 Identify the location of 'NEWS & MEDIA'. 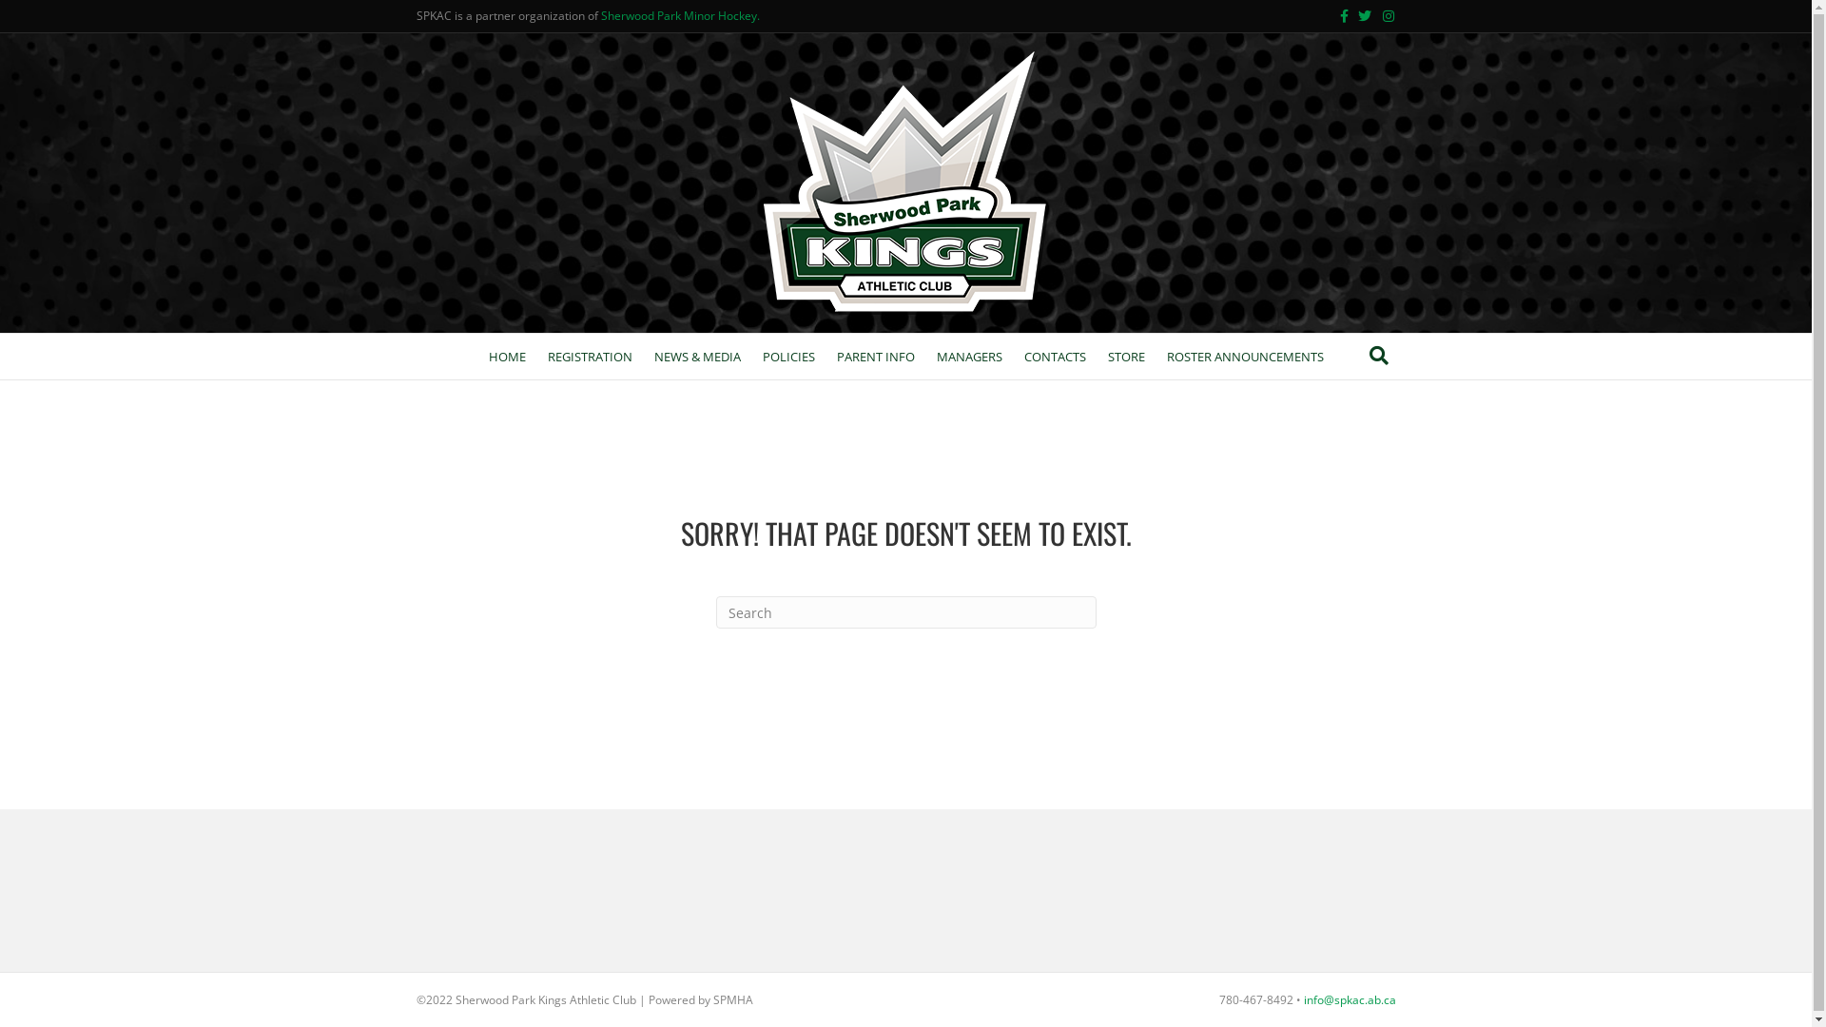
(696, 356).